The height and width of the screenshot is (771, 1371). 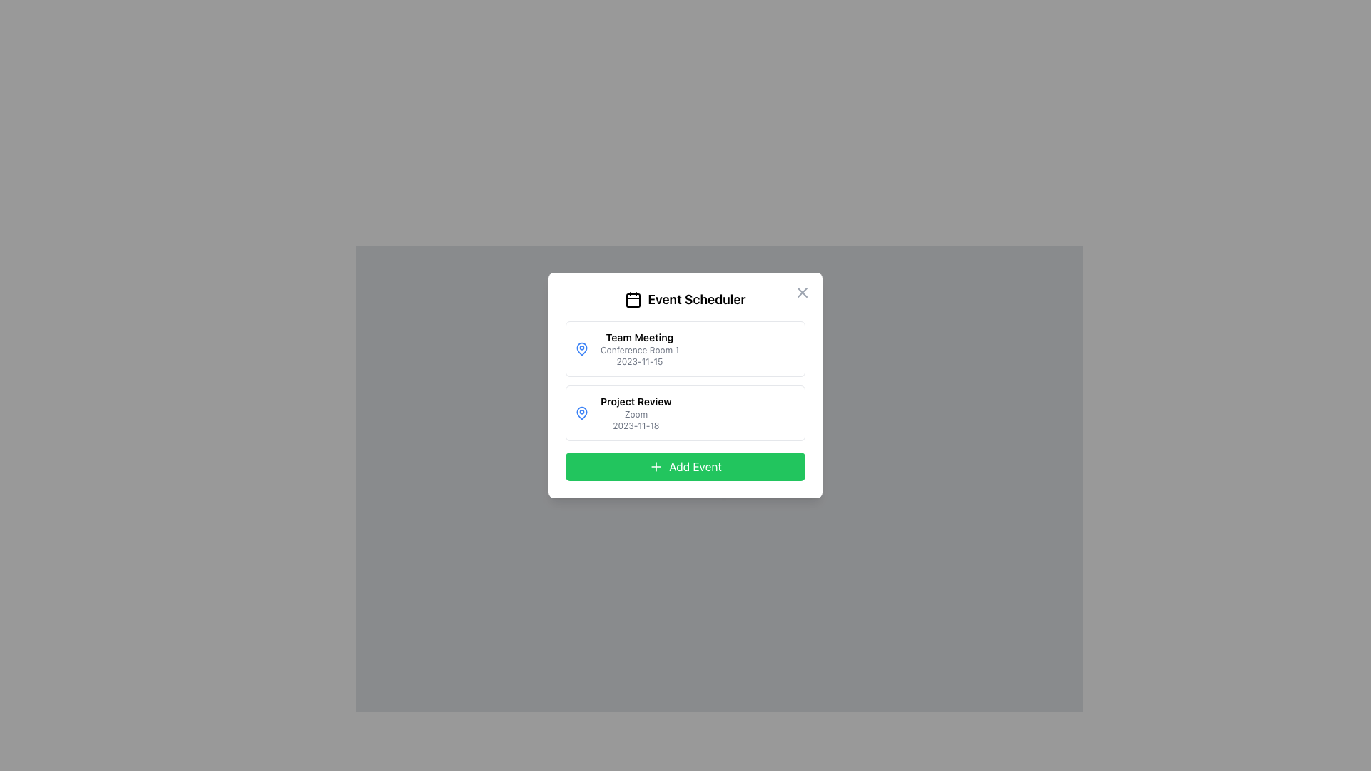 What do you see at coordinates (635, 425) in the screenshot?
I see `the static text label displaying the date '2023-11-18' in gray, located below the text 'Zoom' in the event scheduling application for the 'Project Review' event` at bounding box center [635, 425].